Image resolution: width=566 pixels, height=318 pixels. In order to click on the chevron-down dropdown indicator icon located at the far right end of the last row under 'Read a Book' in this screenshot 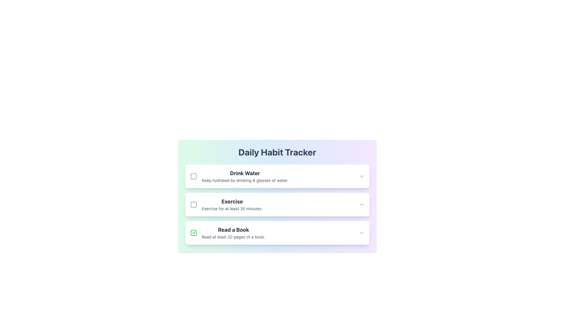, I will do `click(361, 232)`.